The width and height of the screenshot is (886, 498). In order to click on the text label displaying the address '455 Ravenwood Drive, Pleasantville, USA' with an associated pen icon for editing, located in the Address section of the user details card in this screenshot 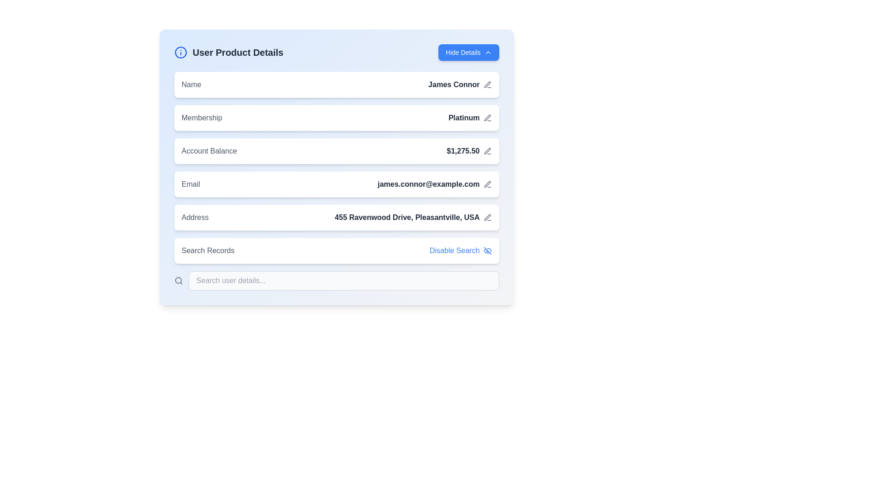, I will do `click(413, 217)`.